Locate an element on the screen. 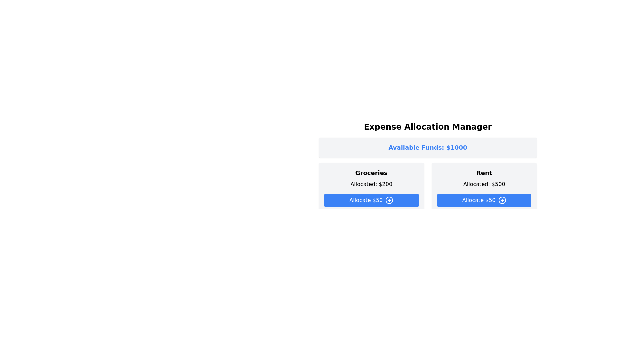 The image size is (640, 360). the Circle Arrow Right icon located on the rightmost side of the 'Allocate $50' button under the 'Groceries' allocation section is located at coordinates (389, 200).